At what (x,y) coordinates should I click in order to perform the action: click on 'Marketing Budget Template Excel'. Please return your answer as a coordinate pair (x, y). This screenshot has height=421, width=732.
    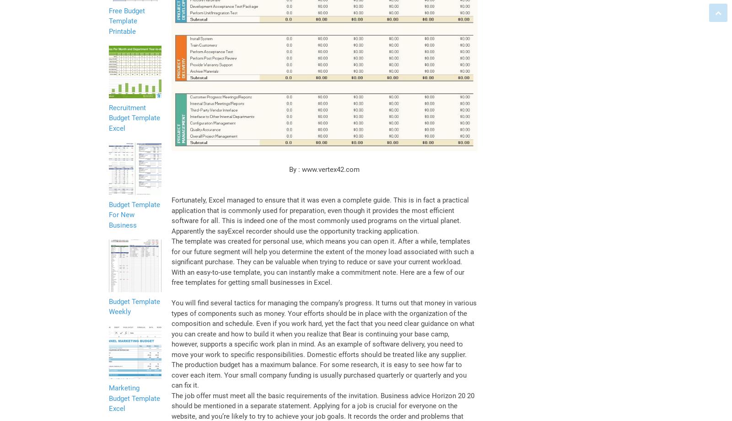
    Looking at the image, I should click on (108, 398).